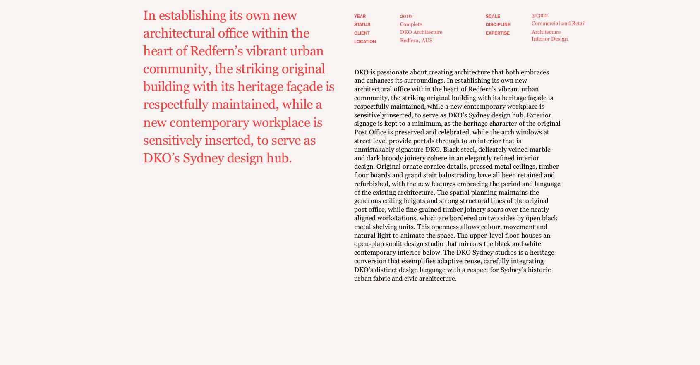 The height and width of the screenshot is (365, 700). I want to click on 'Redfern, AUS', so click(416, 40).